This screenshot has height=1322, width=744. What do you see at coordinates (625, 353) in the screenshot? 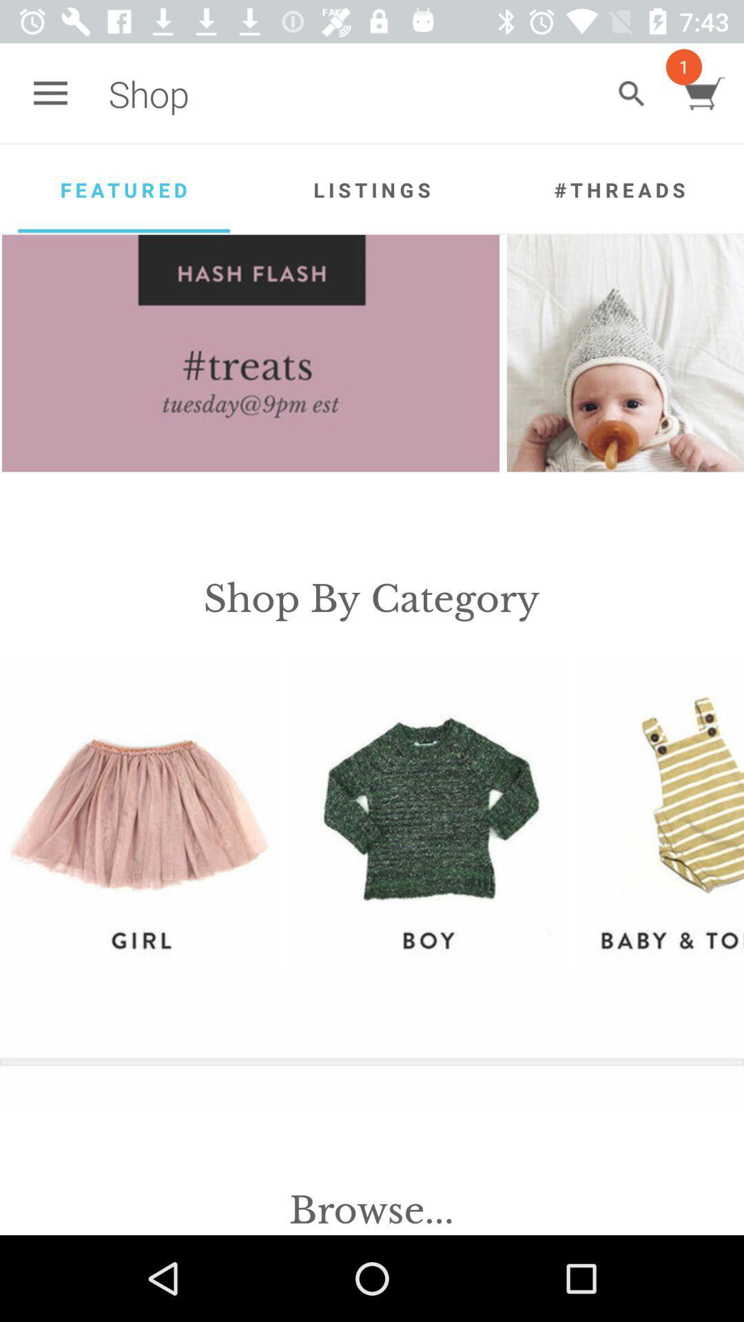
I see `icon above the shop by category` at bounding box center [625, 353].